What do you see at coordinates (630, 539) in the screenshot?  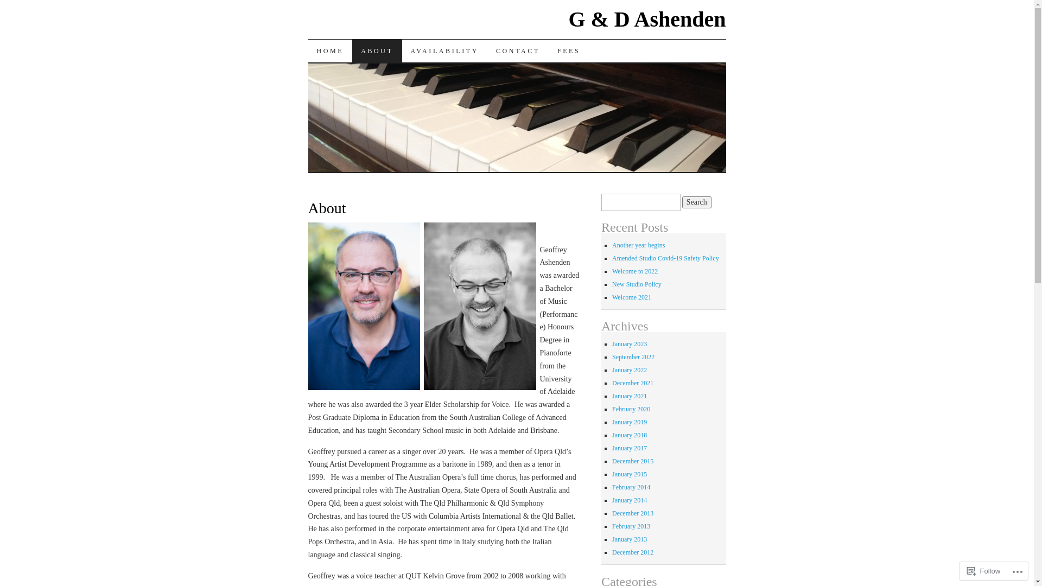 I see `'January 2013'` at bounding box center [630, 539].